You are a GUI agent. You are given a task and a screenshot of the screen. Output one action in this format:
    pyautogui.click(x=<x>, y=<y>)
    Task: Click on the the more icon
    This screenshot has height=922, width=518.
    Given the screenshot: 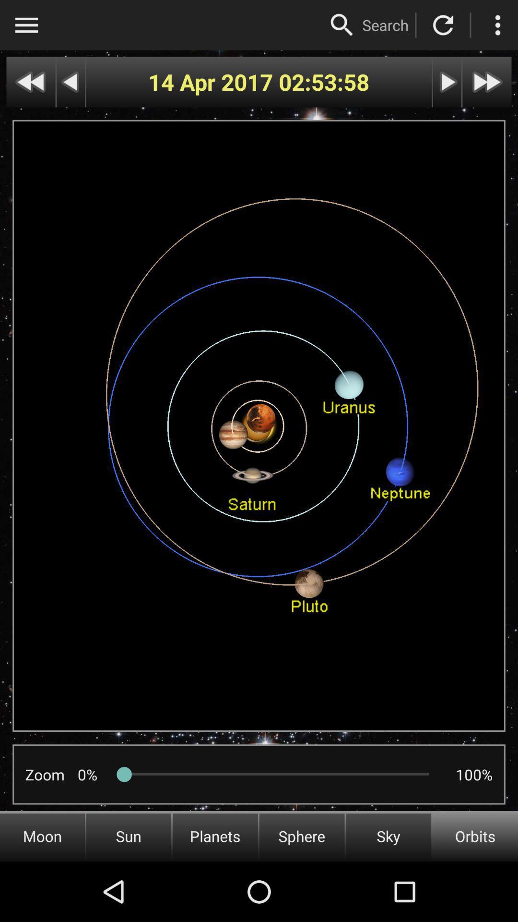 What is the action you would take?
    pyautogui.click(x=497, y=25)
    